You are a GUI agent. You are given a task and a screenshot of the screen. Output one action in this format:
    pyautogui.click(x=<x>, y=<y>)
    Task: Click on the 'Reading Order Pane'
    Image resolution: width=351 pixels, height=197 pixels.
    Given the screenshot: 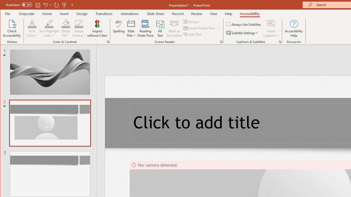 What is the action you would take?
    pyautogui.click(x=146, y=28)
    